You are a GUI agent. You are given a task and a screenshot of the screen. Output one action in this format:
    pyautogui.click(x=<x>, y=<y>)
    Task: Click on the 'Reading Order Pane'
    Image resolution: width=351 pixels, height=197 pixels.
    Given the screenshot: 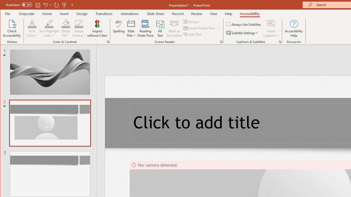 What is the action you would take?
    pyautogui.click(x=146, y=28)
    